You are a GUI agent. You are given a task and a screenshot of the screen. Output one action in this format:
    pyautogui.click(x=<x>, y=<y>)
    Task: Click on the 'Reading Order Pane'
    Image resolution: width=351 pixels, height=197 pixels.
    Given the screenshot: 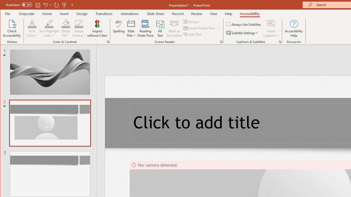 What is the action you would take?
    pyautogui.click(x=146, y=28)
    